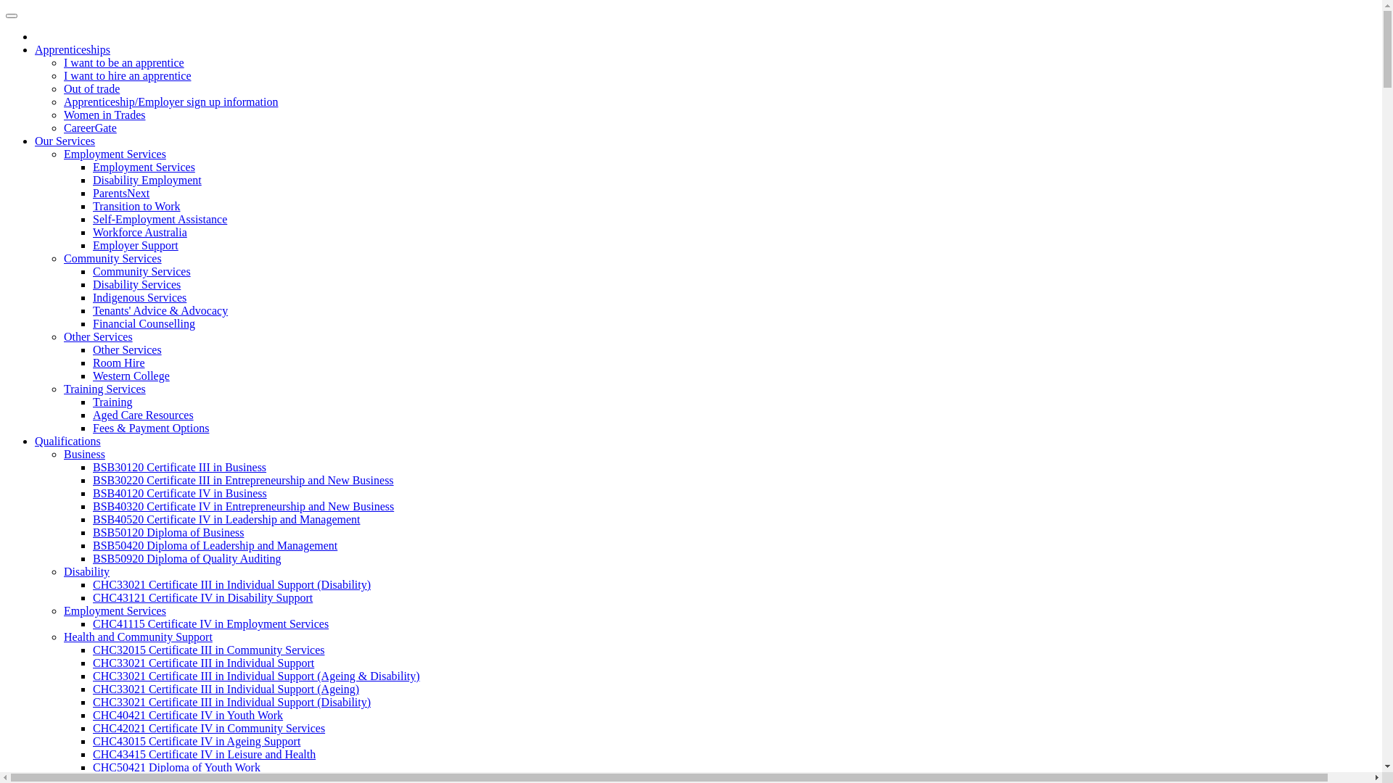  What do you see at coordinates (170, 101) in the screenshot?
I see `'Apprenticeship/Employer sign up information'` at bounding box center [170, 101].